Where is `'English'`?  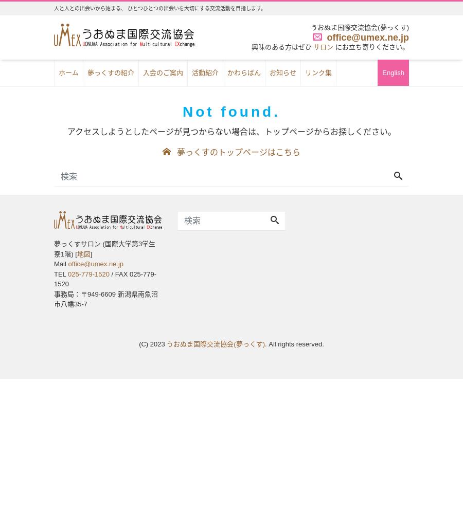
'English' is located at coordinates (393, 72).